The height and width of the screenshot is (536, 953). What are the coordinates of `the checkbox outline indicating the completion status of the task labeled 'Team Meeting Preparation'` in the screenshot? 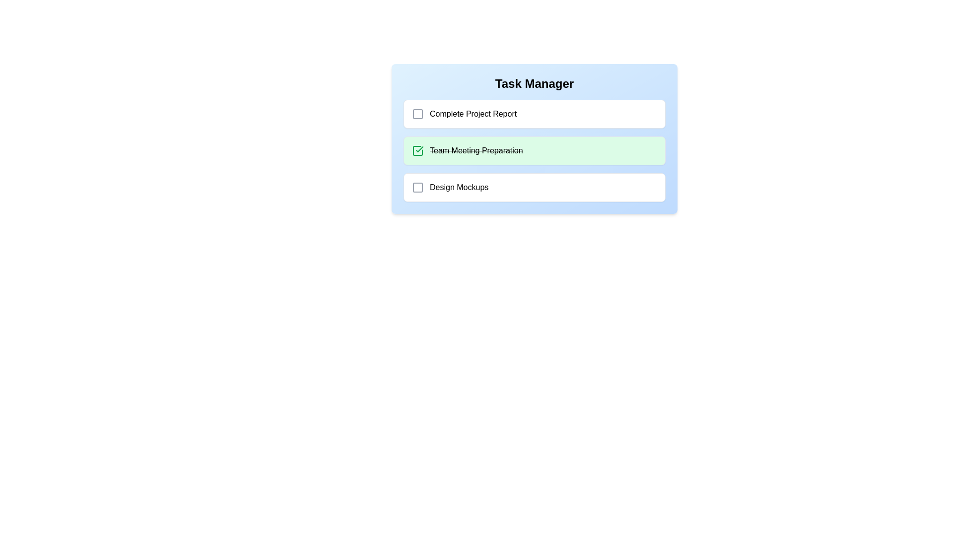 It's located at (417, 151).